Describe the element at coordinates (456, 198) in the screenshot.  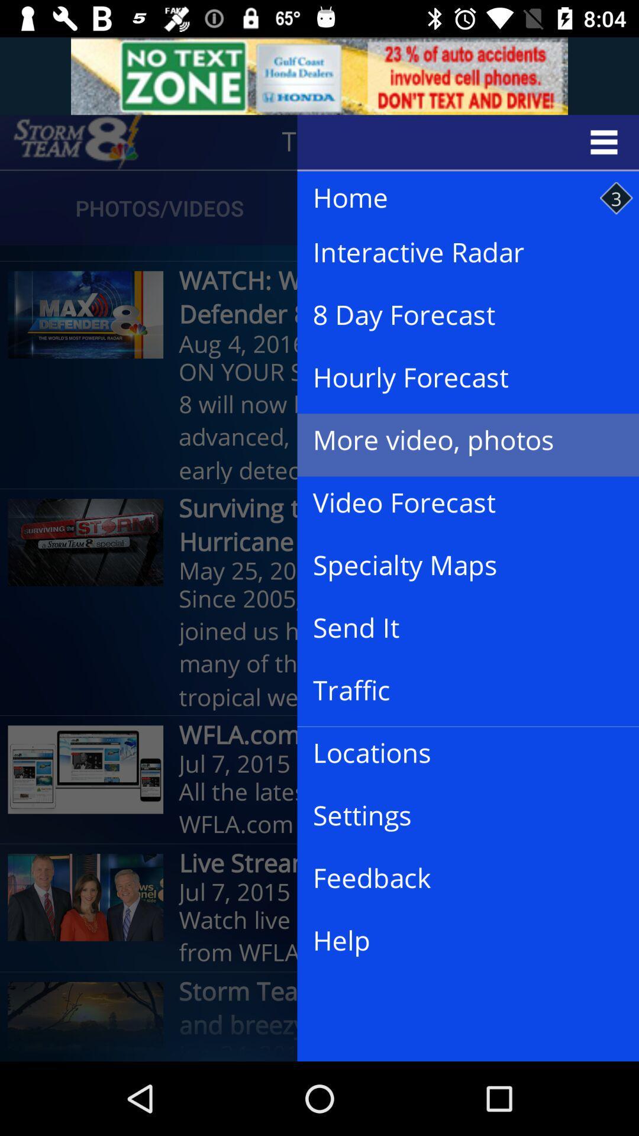
I see `the home` at that location.